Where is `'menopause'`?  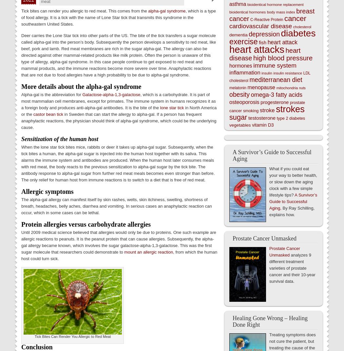
'menopause' is located at coordinates (261, 87).